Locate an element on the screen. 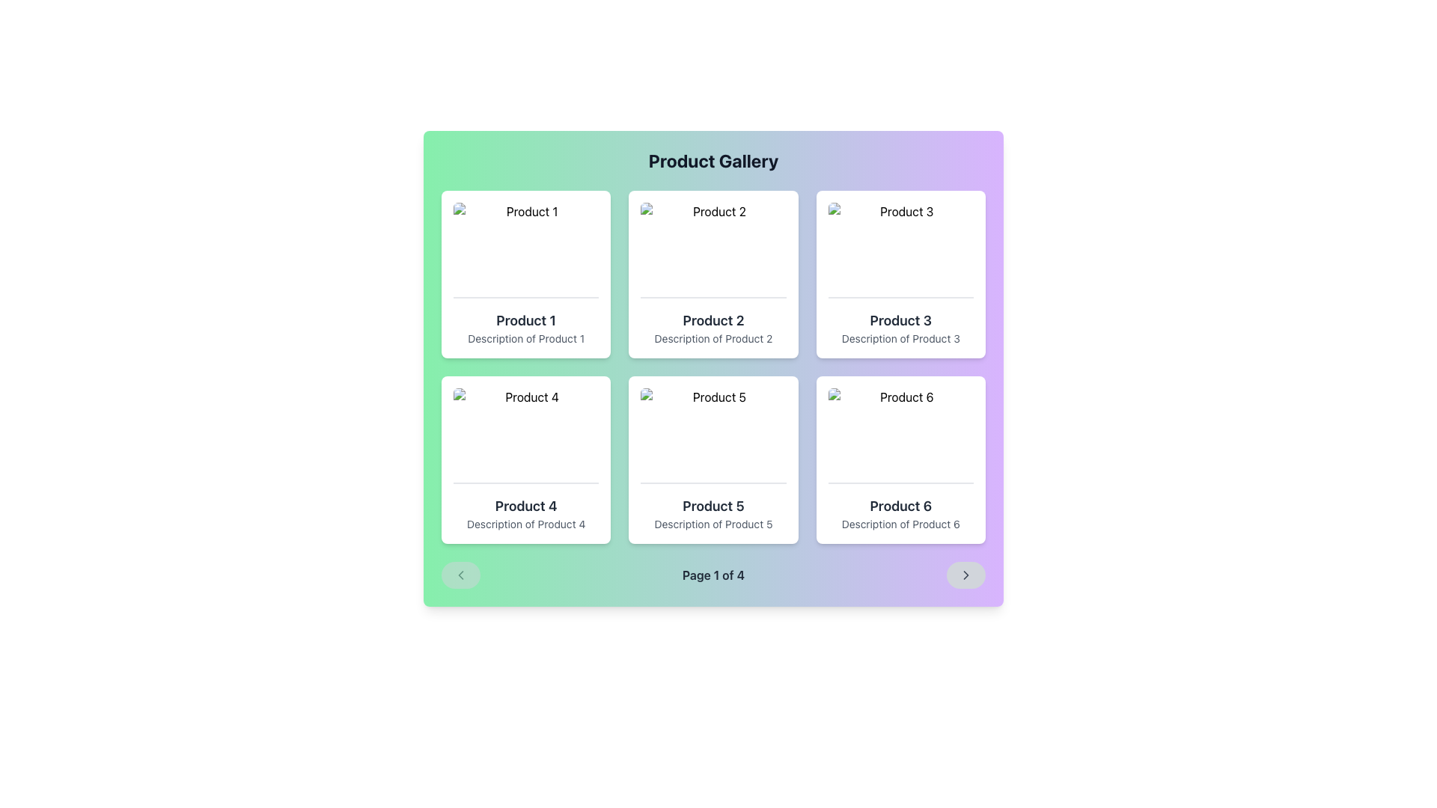 The height and width of the screenshot is (808, 1437). the fourth product card in the 3x2 grid layout, located in the leftmost column of the second row, displaying information about a specific product is located at coordinates (526, 459).